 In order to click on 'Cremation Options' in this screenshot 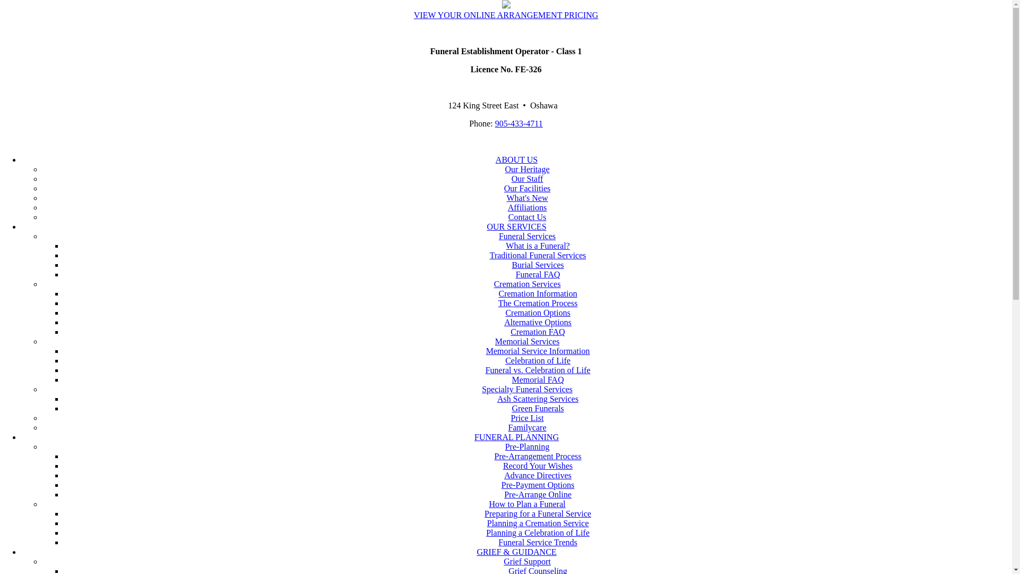, I will do `click(504, 312)`.